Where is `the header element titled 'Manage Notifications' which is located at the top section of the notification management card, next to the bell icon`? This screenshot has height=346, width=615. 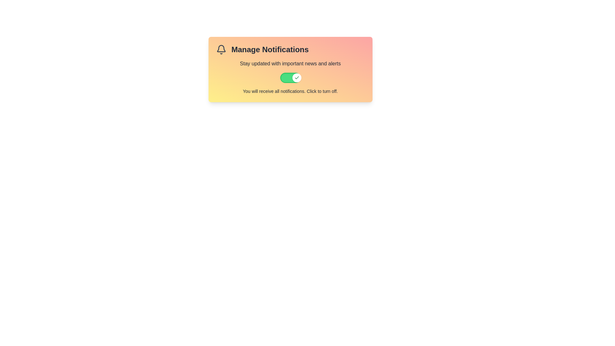
the header element titled 'Manage Notifications' which is located at the top section of the notification management card, next to the bell icon is located at coordinates (262, 49).